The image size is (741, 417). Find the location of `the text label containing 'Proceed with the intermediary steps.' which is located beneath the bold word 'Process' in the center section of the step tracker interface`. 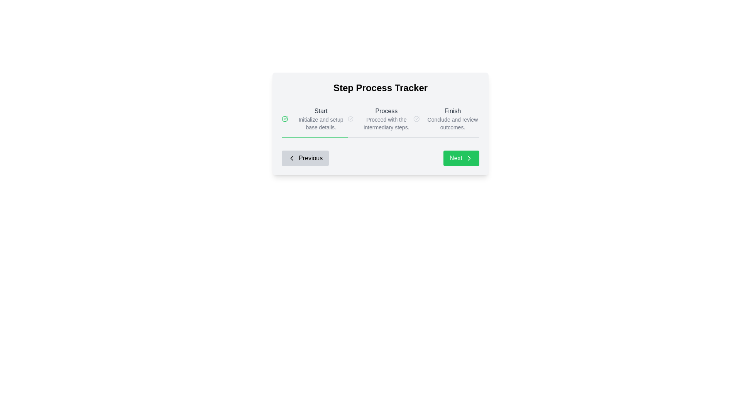

the text label containing 'Proceed with the intermediary steps.' which is located beneath the bold word 'Process' in the center section of the step tracker interface is located at coordinates (386, 123).